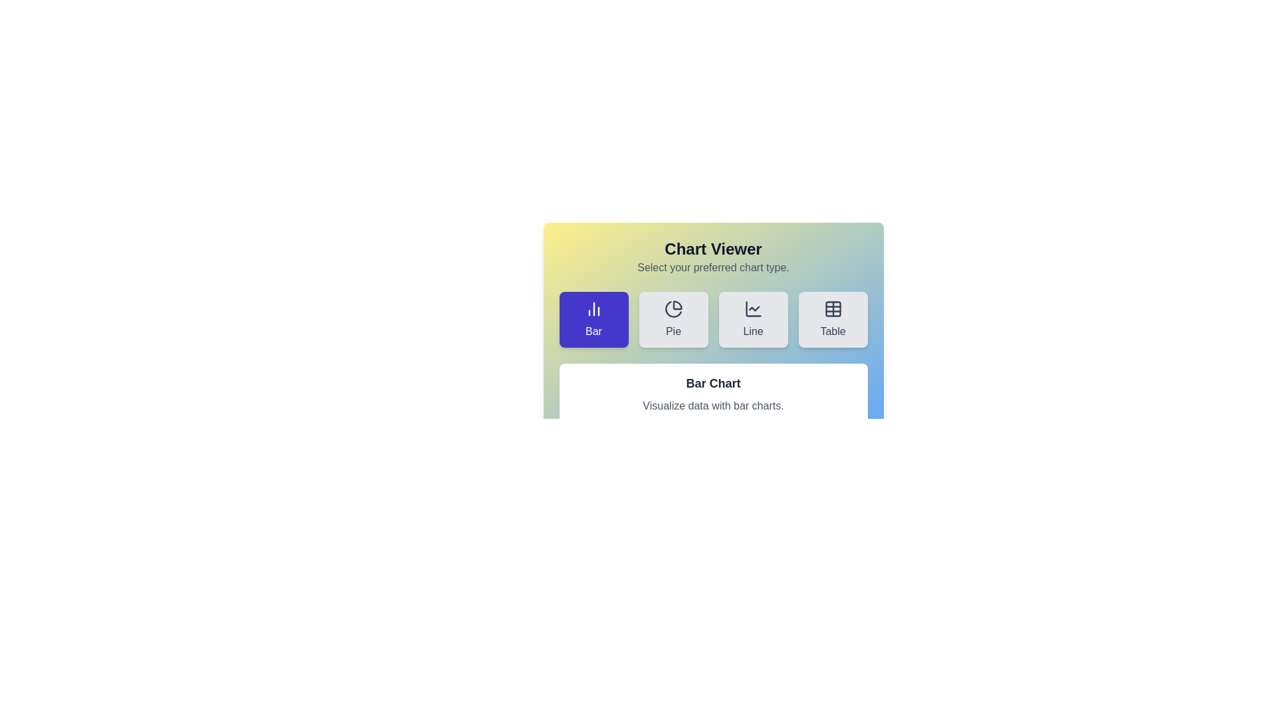 The width and height of the screenshot is (1276, 718). I want to click on the button that allows the user to select the 'Pie' chart option, positioned between the 'Bar' and 'Line' buttons, so click(673, 320).